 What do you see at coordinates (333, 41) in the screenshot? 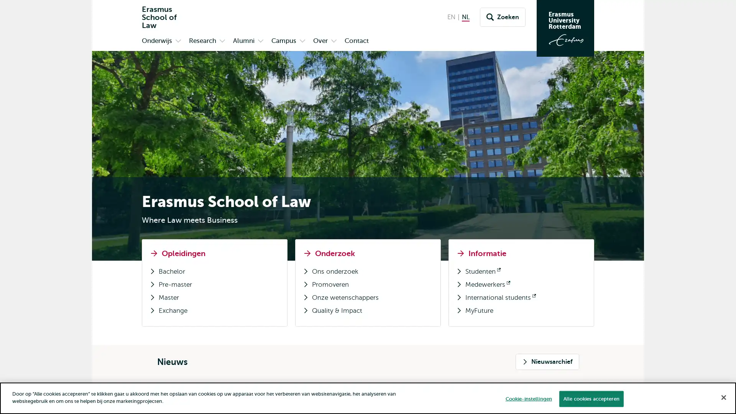
I see `Open submenu` at bounding box center [333, 41].